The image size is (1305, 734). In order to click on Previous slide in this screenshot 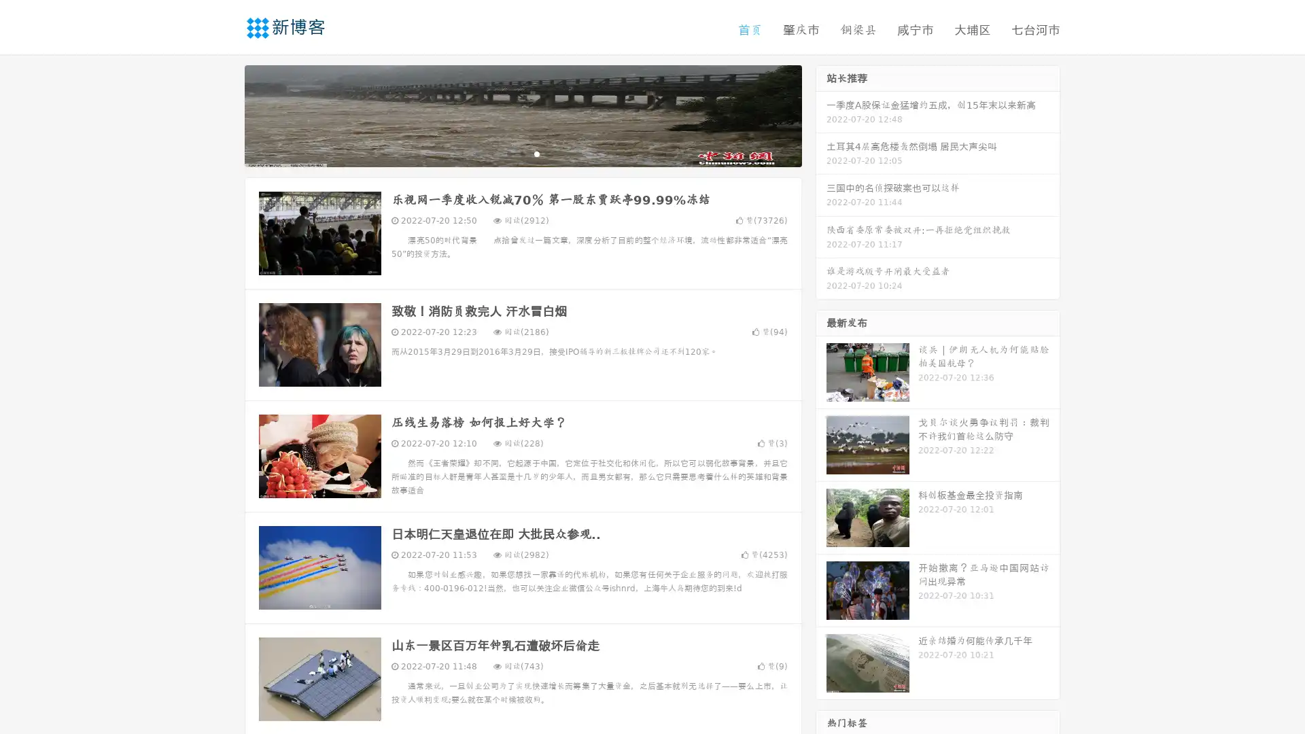, I will do `click(224, 114)`.